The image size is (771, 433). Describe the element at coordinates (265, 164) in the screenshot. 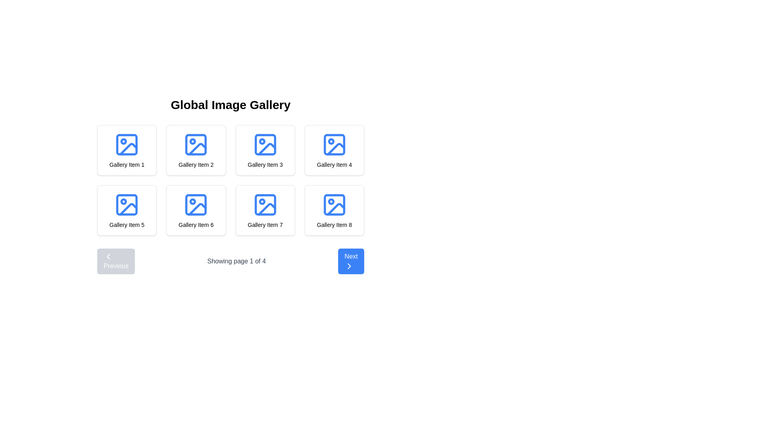

I see `text content of the label displaying 'Gallery Item 3' located in the third position of the first row in the grid view` at that location.